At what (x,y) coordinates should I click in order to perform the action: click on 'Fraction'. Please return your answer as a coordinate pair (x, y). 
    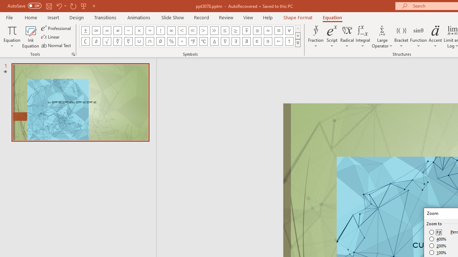
    Looking at the image, I should click on (316, 37).